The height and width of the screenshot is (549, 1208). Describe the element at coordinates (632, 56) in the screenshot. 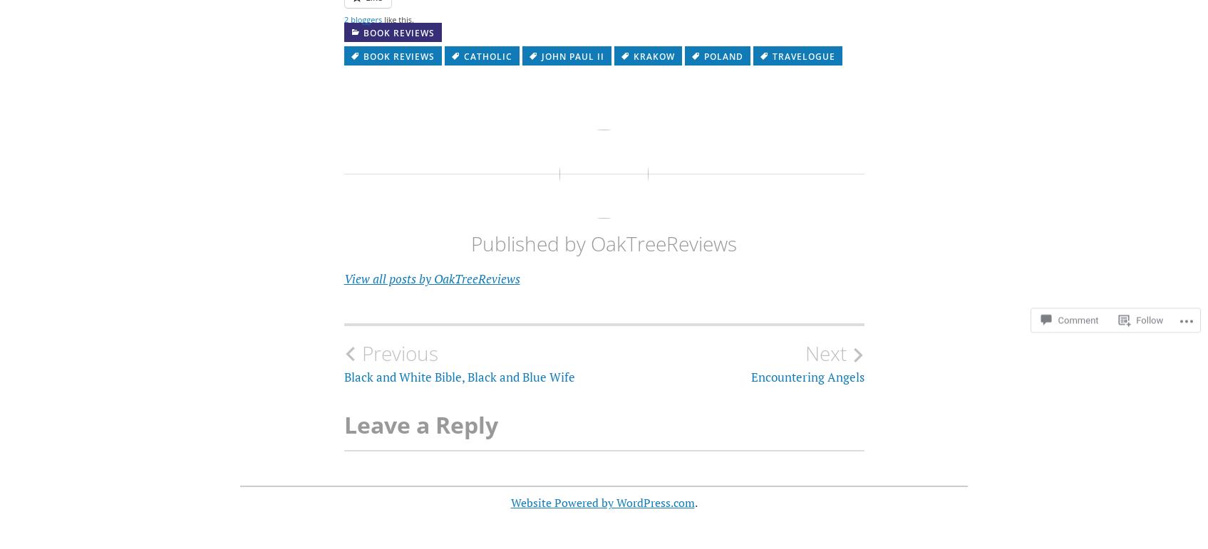

I see `'Krakow'` at that location.